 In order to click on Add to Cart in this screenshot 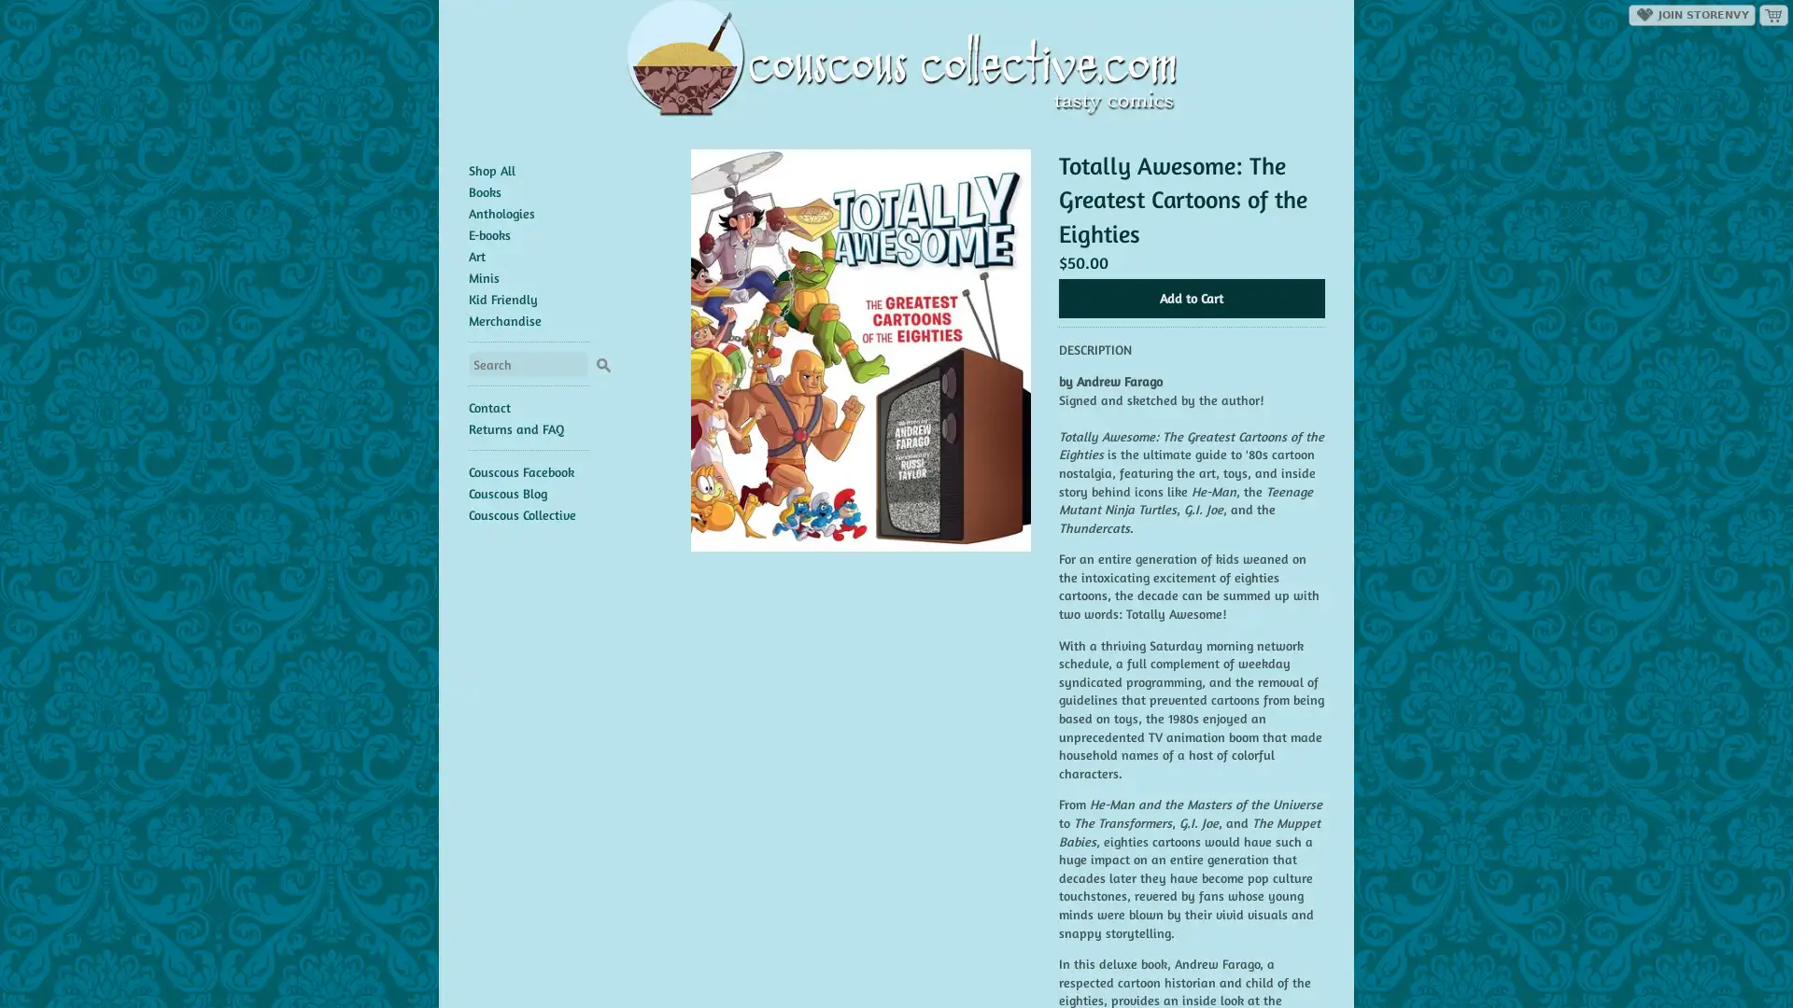, I will do `click(1190, 298)`.